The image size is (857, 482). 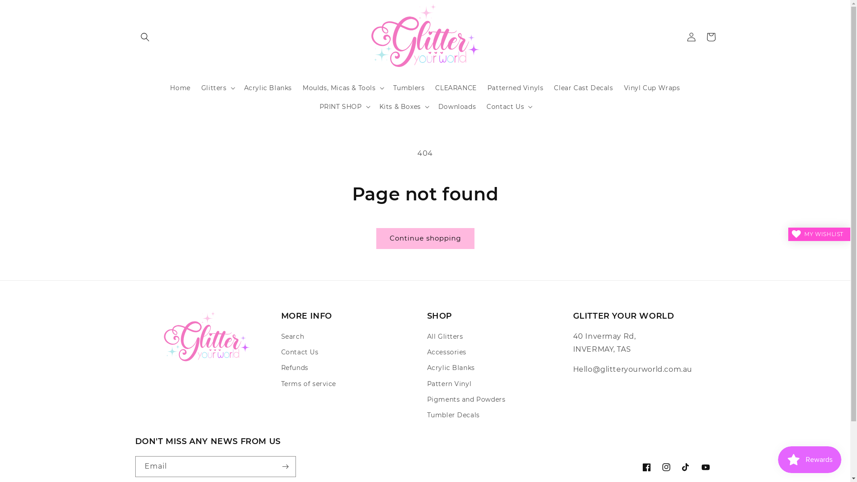 I want to click on 'Log in', so click(x=681, y=36).